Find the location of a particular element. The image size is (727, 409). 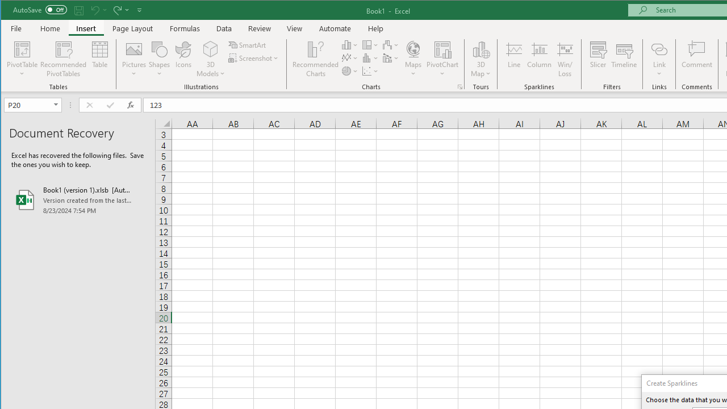

'Win/Loss' is located at coordinates (565, 59).